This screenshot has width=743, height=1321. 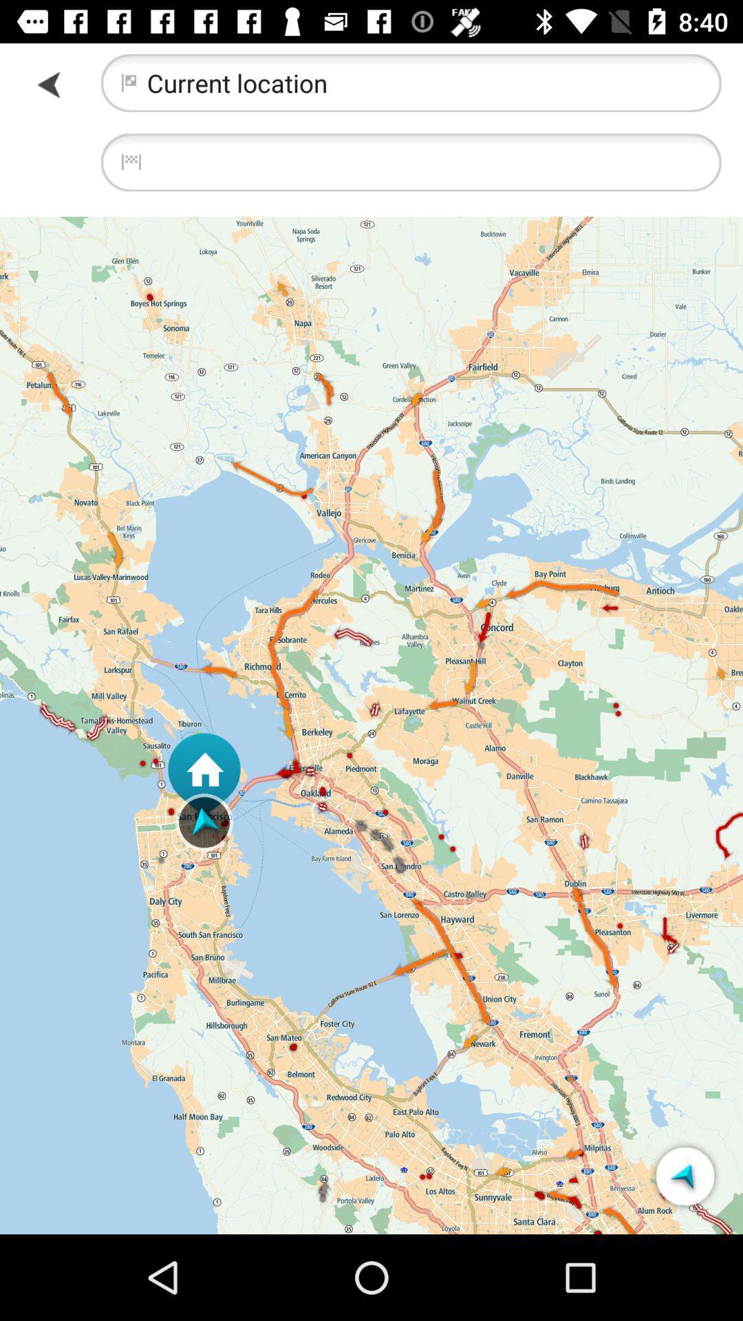 I want to click on current location item, so click(x=410, y=82).